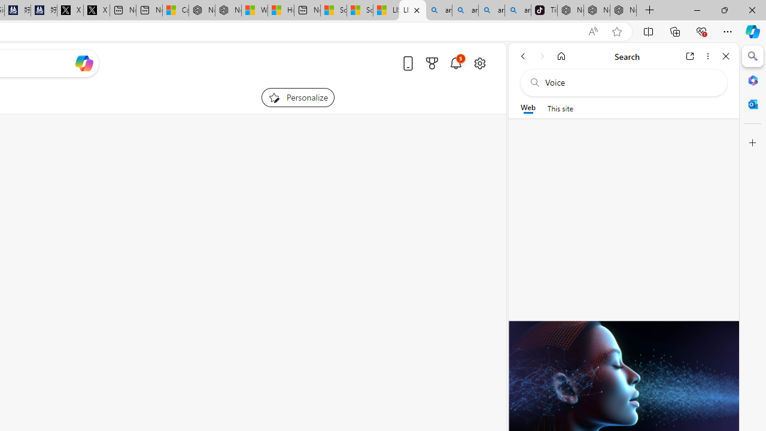 Image resolution: width=766 pixels, height=431 pixels. Describe the element at coordinates (622, 10) in the screenshot. I see `'Nordace - Siena Pro 15 Essential Set'` at that location.